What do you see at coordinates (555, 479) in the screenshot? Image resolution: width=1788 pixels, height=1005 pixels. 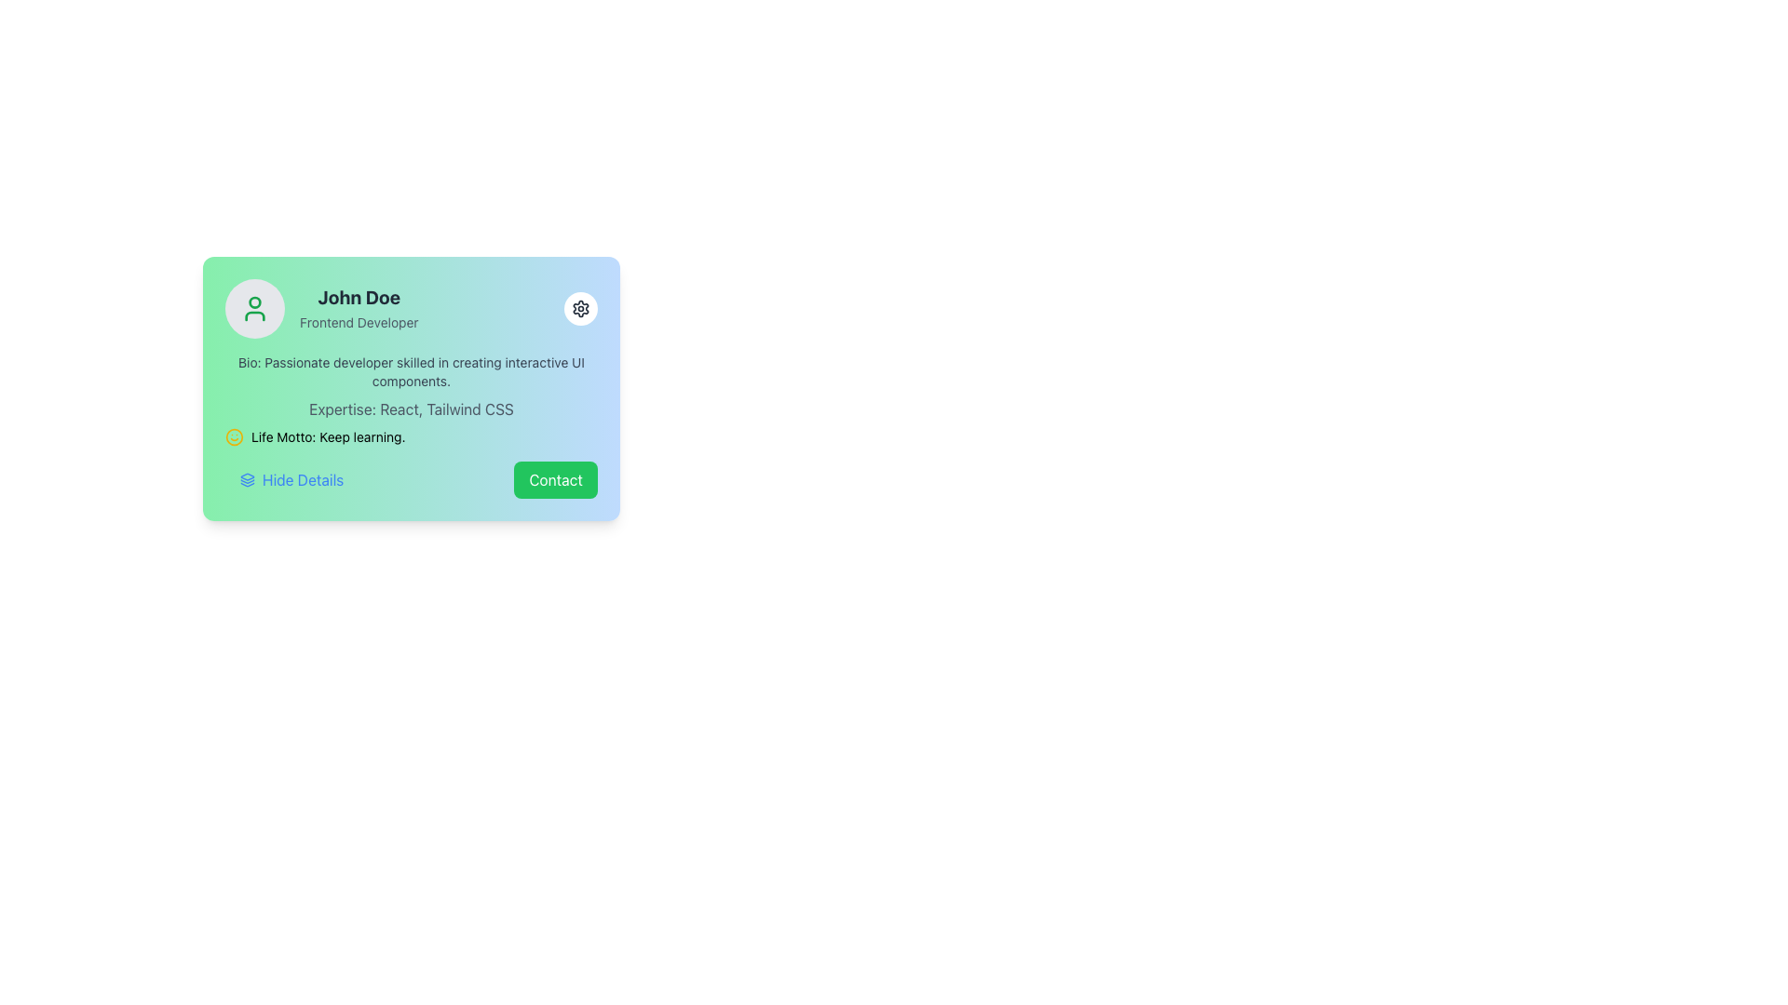 I see `the contact button located at the bottom right of the card layout to observe the color change` at bounding box center [555, 479].